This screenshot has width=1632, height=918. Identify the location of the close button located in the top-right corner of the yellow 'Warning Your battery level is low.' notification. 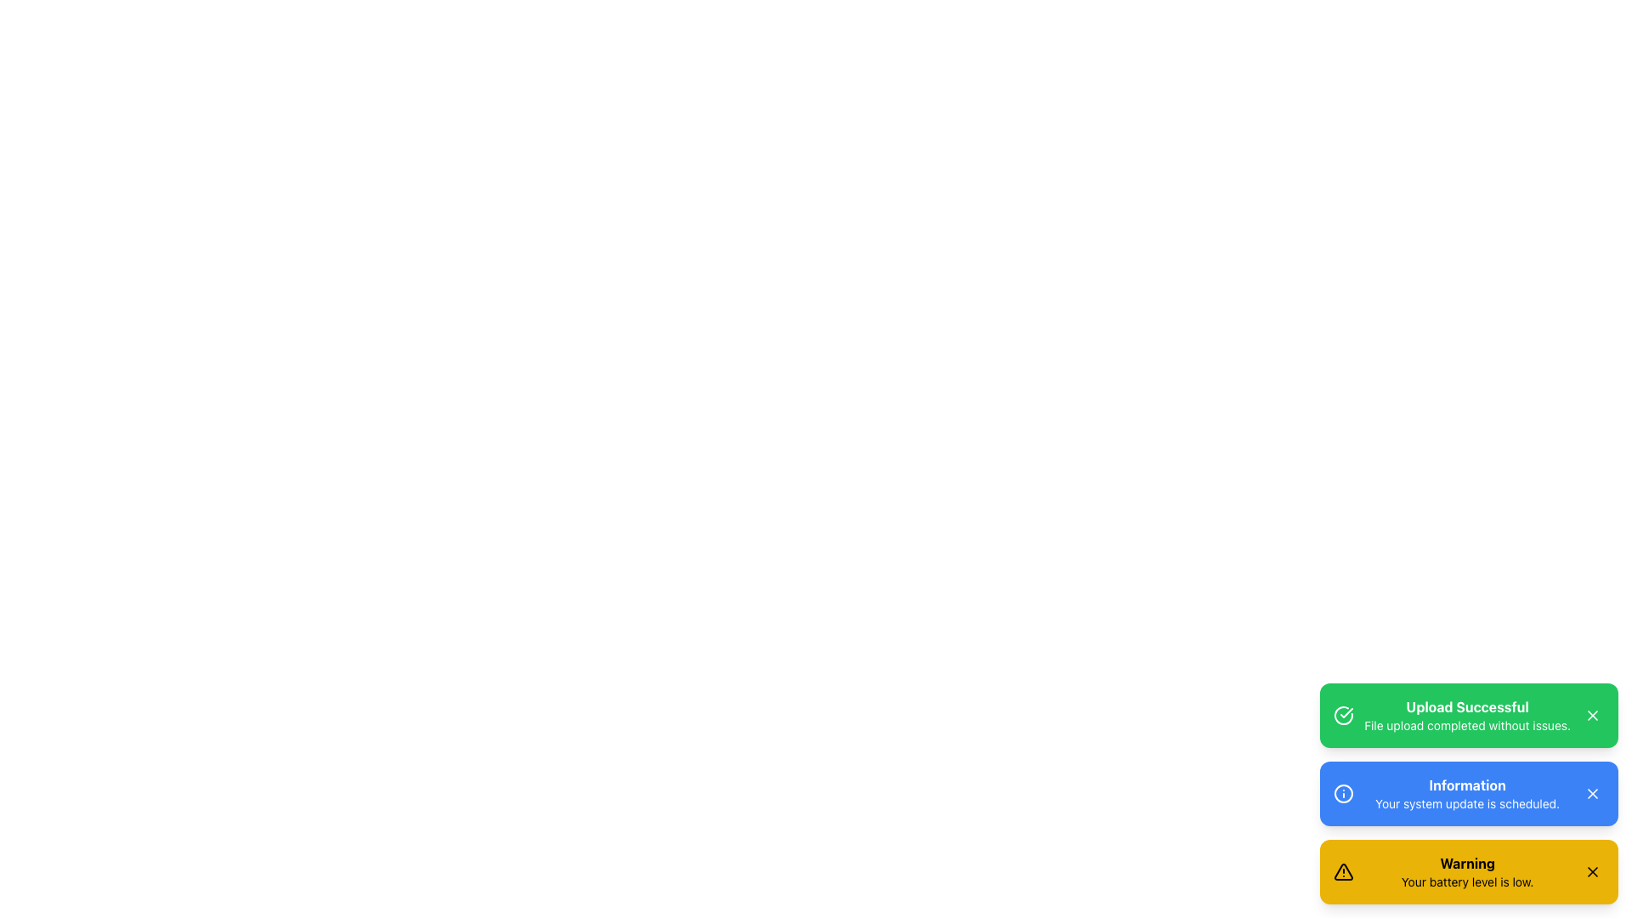
(1591, 872).